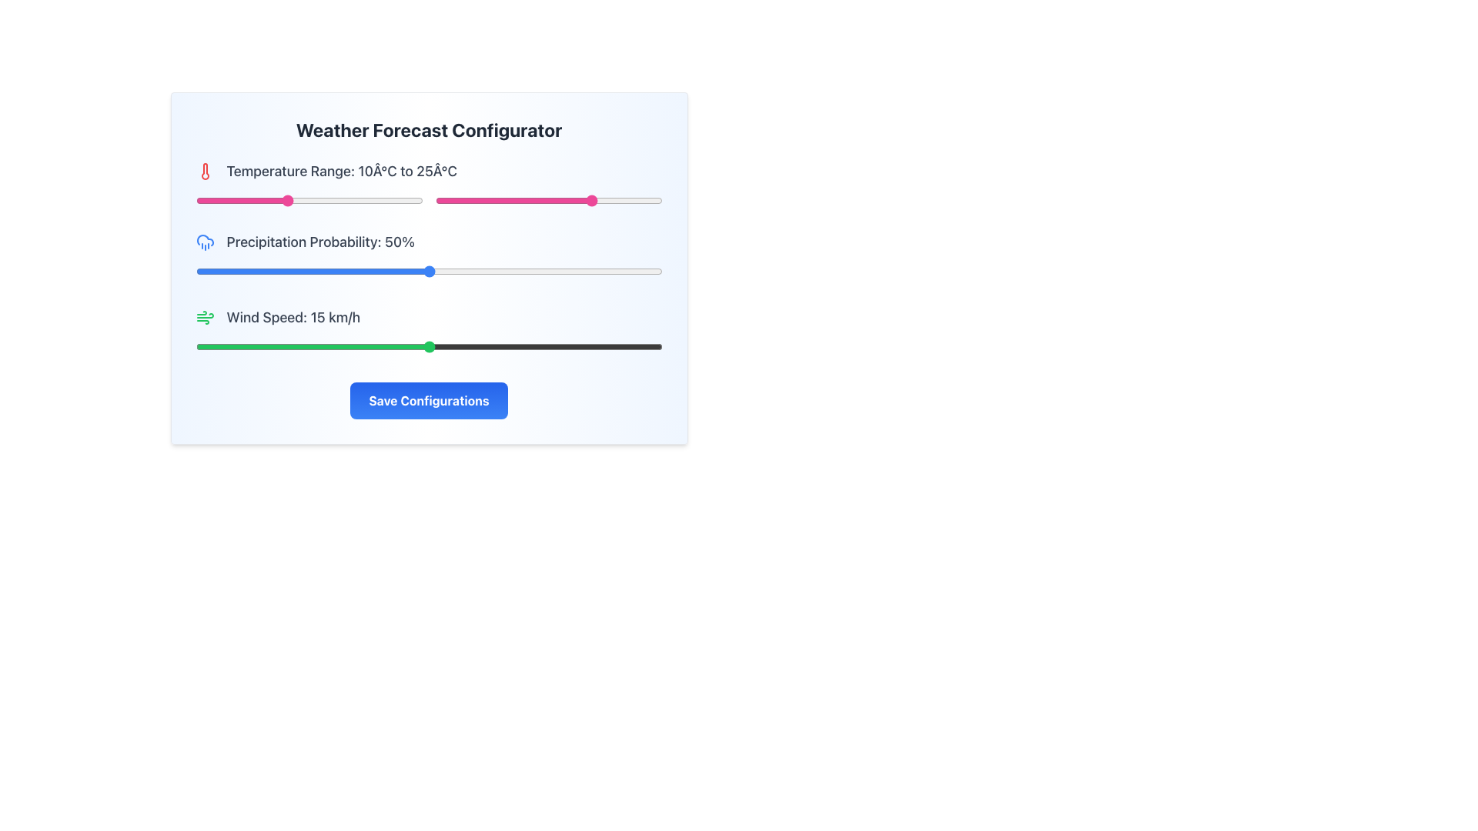  I want to click on precipitation probability, so click(559, 271).